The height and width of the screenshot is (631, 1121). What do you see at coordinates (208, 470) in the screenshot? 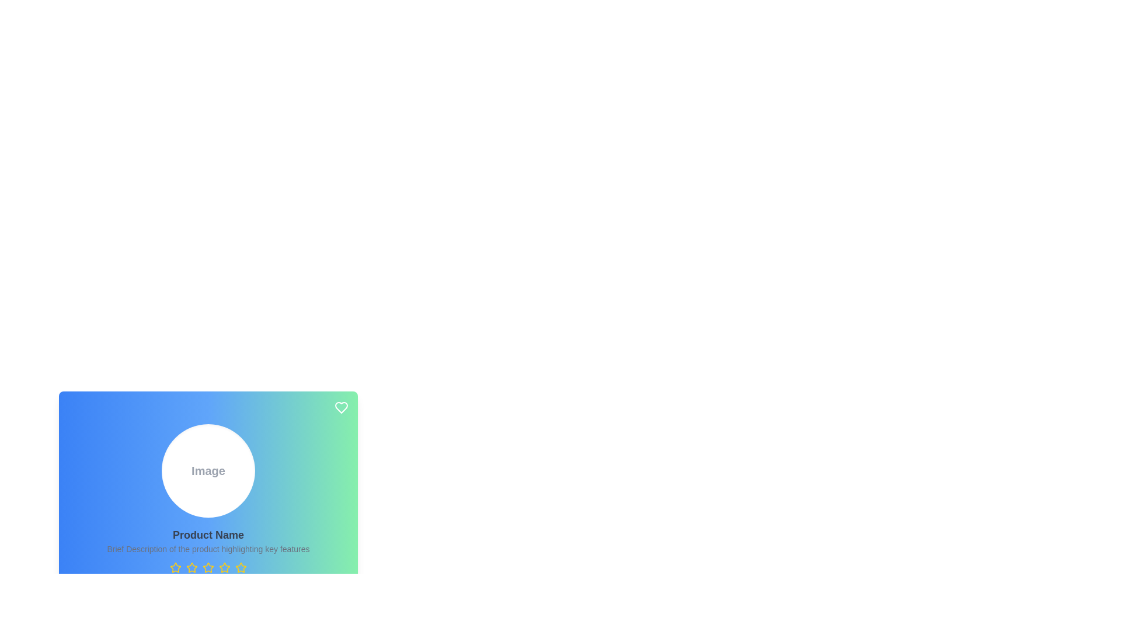
I see `the Graphical Placeholder element which is centrally located above the 'Product Name' text section` at bounding box center [208, 470].